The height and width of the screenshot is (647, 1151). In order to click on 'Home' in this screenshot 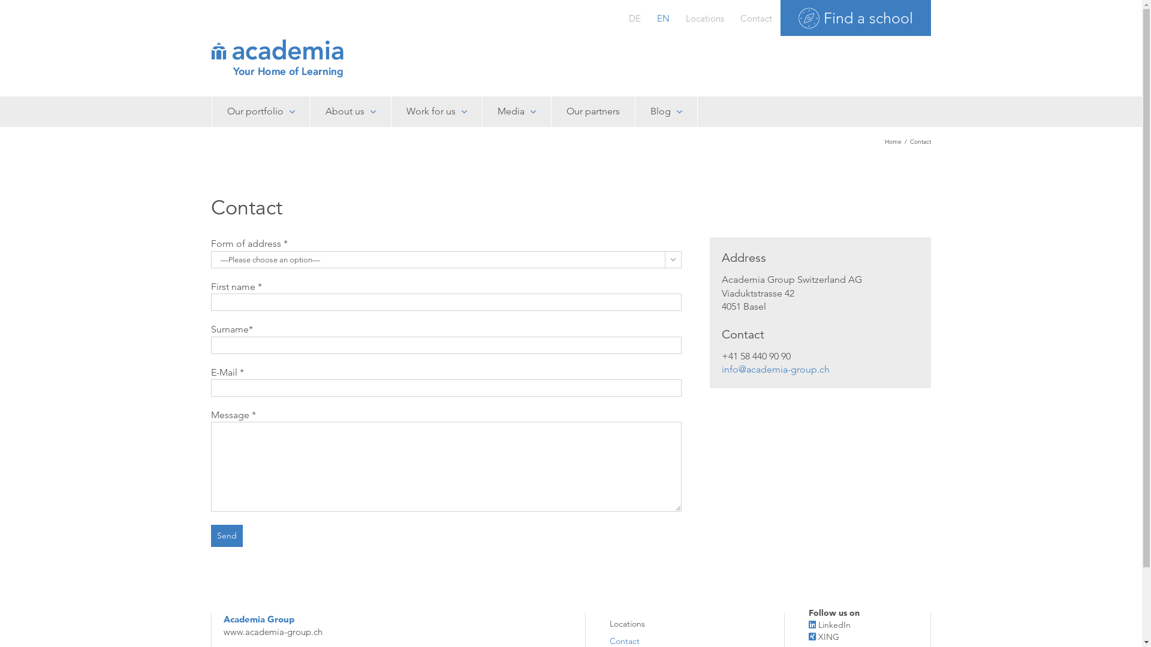, I will do `click(885, 140)`.